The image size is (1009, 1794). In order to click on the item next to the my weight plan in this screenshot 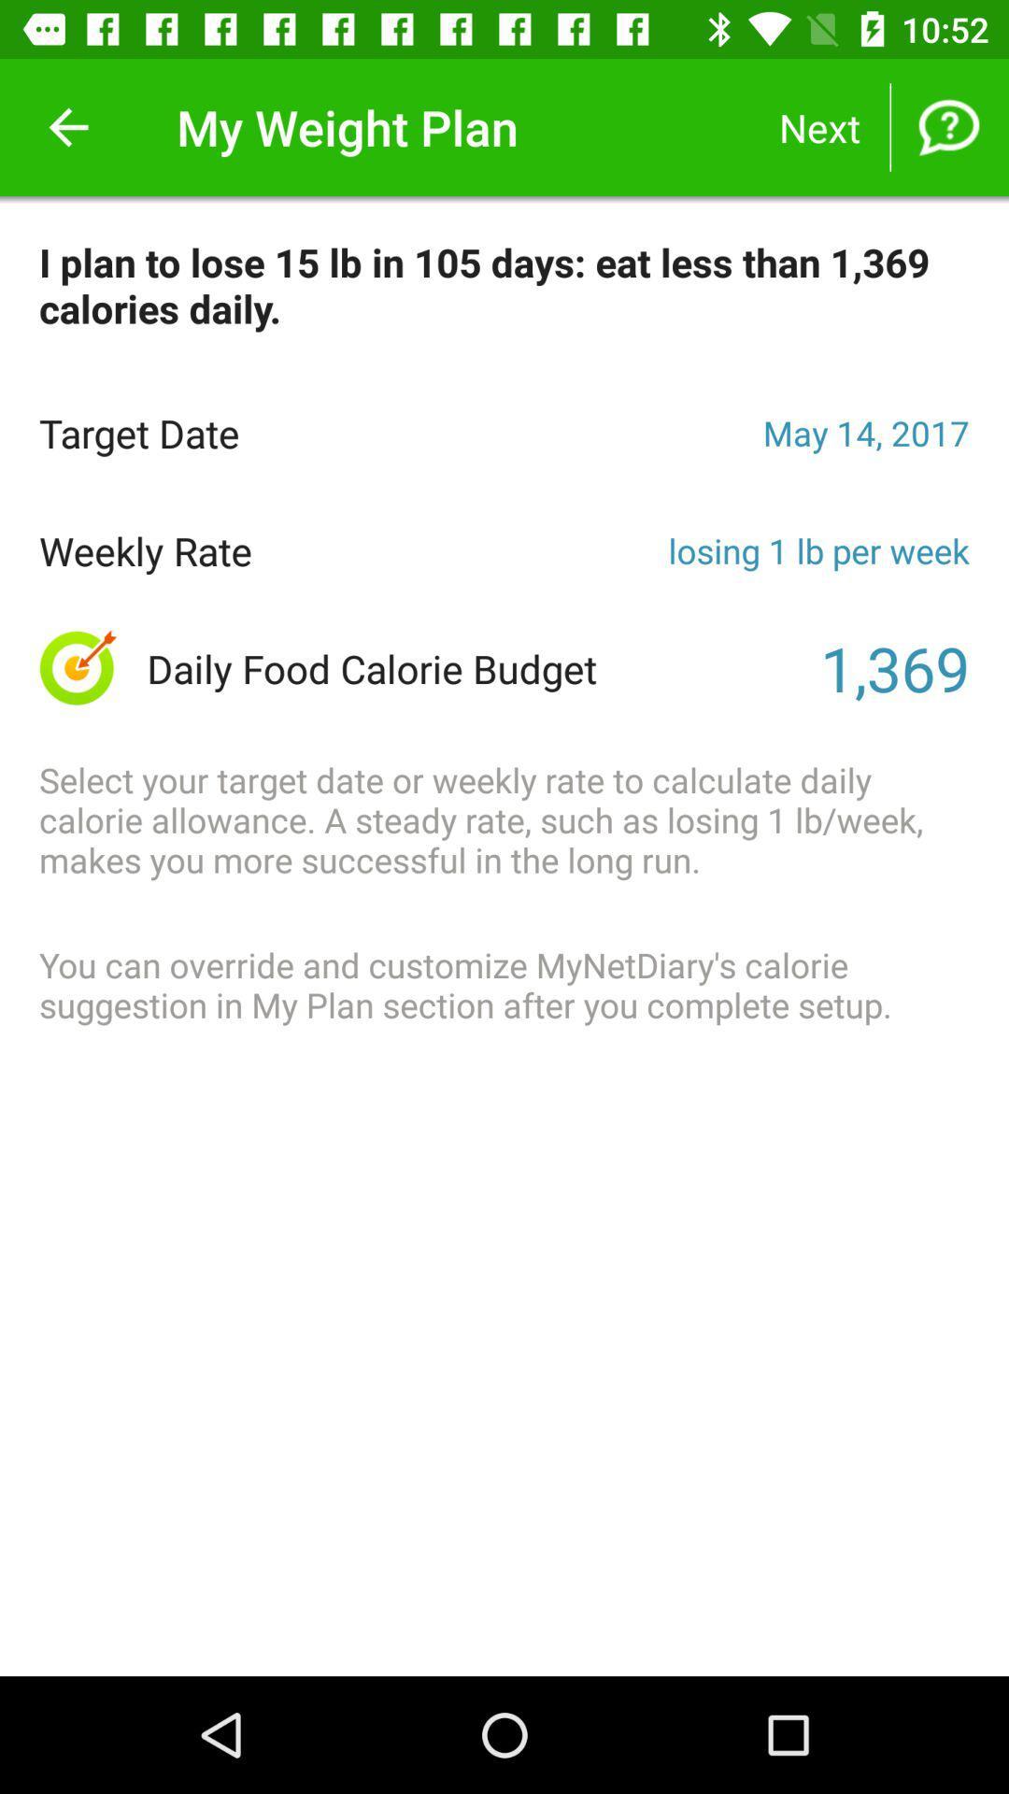, I will do `click(67, 126)`.